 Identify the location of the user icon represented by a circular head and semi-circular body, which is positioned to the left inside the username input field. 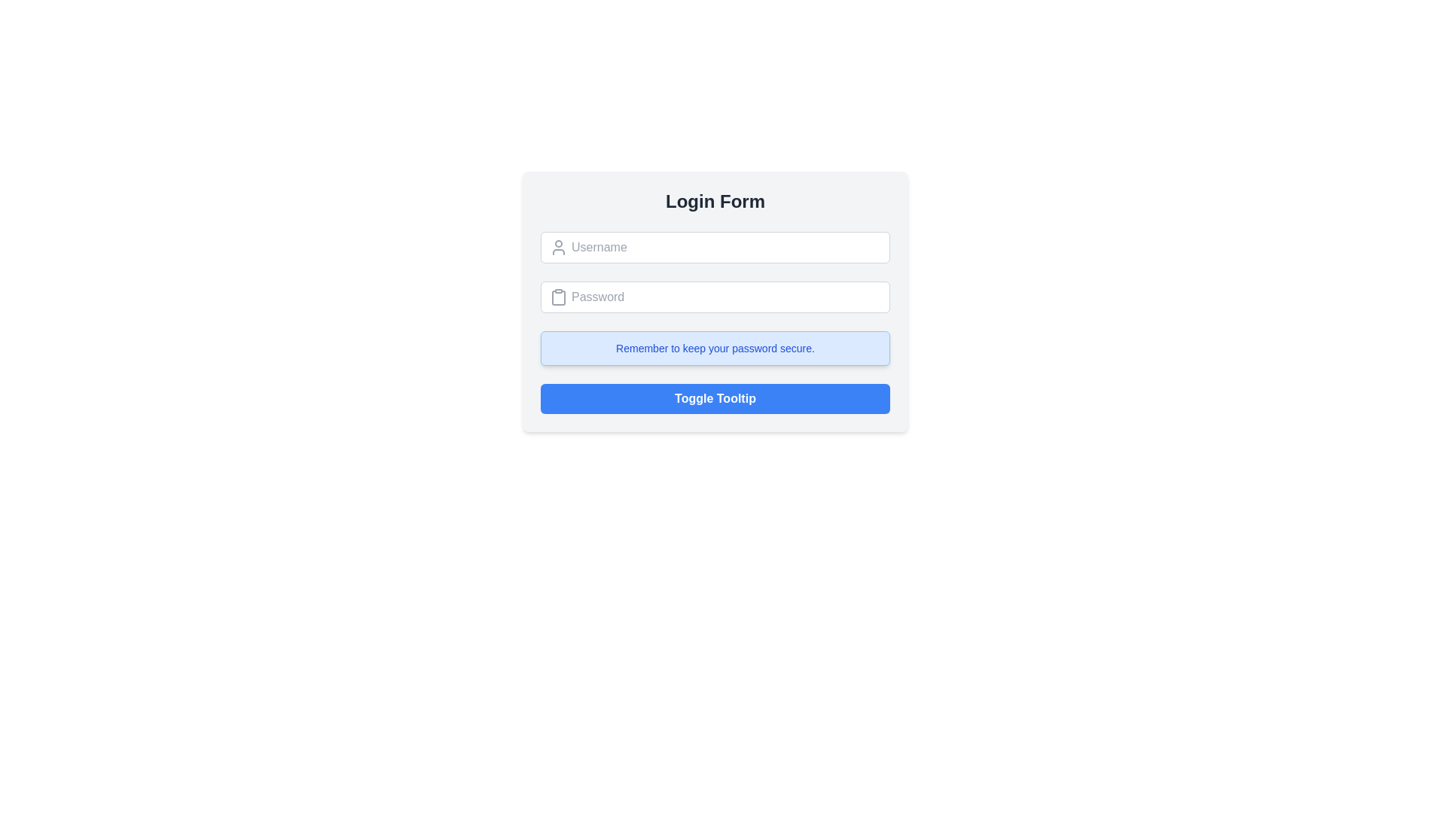
(558, 246).